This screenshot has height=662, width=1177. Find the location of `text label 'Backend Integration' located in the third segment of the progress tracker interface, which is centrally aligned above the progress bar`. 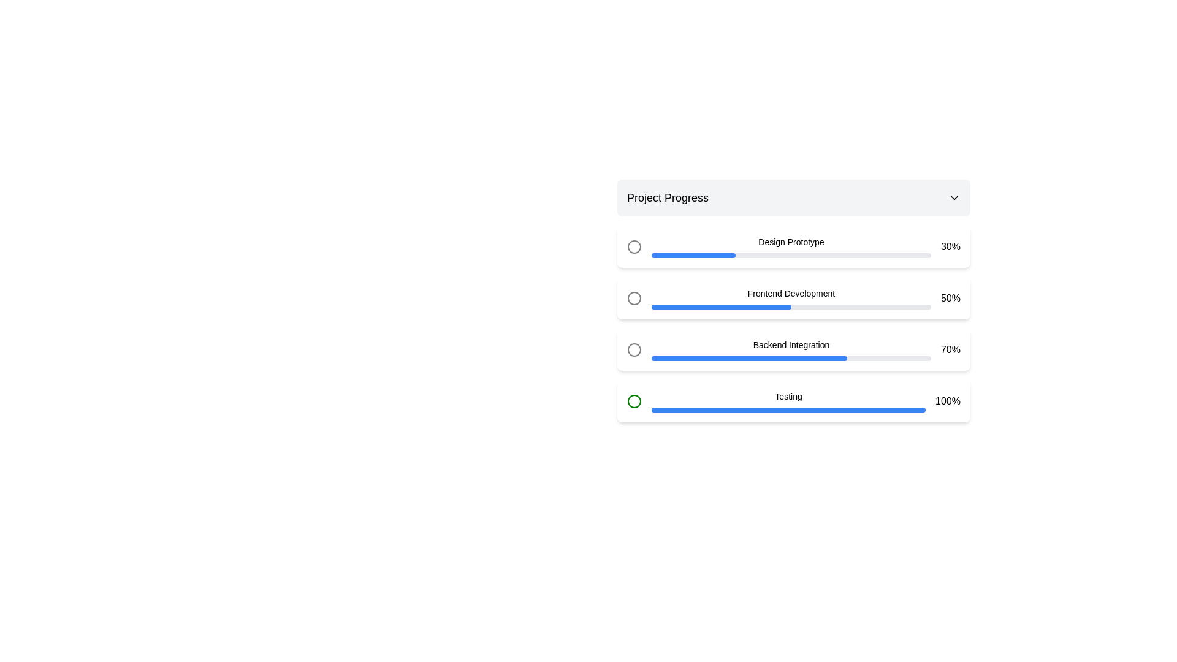

text label 'Backend Integration' located in the third segment of the progress tracker interface, which is centrally aligned above the progress bar is located at coordinates (791, 345).